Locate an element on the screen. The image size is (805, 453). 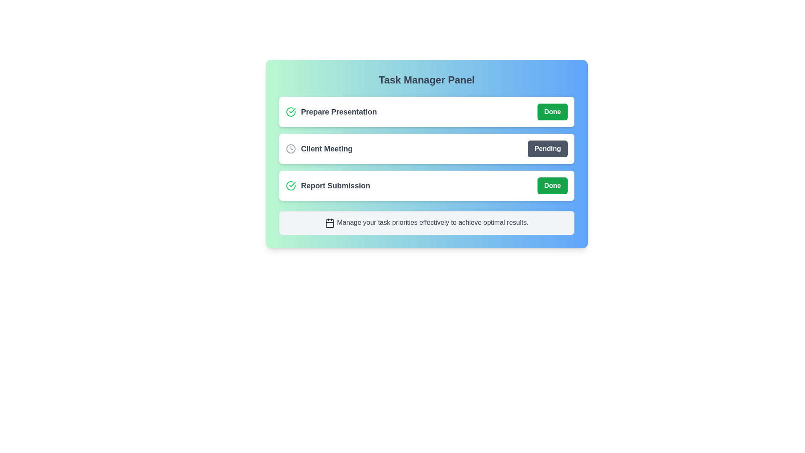
the panel background to trigger any potential hidden interactions is located at coordinates (426, 227).